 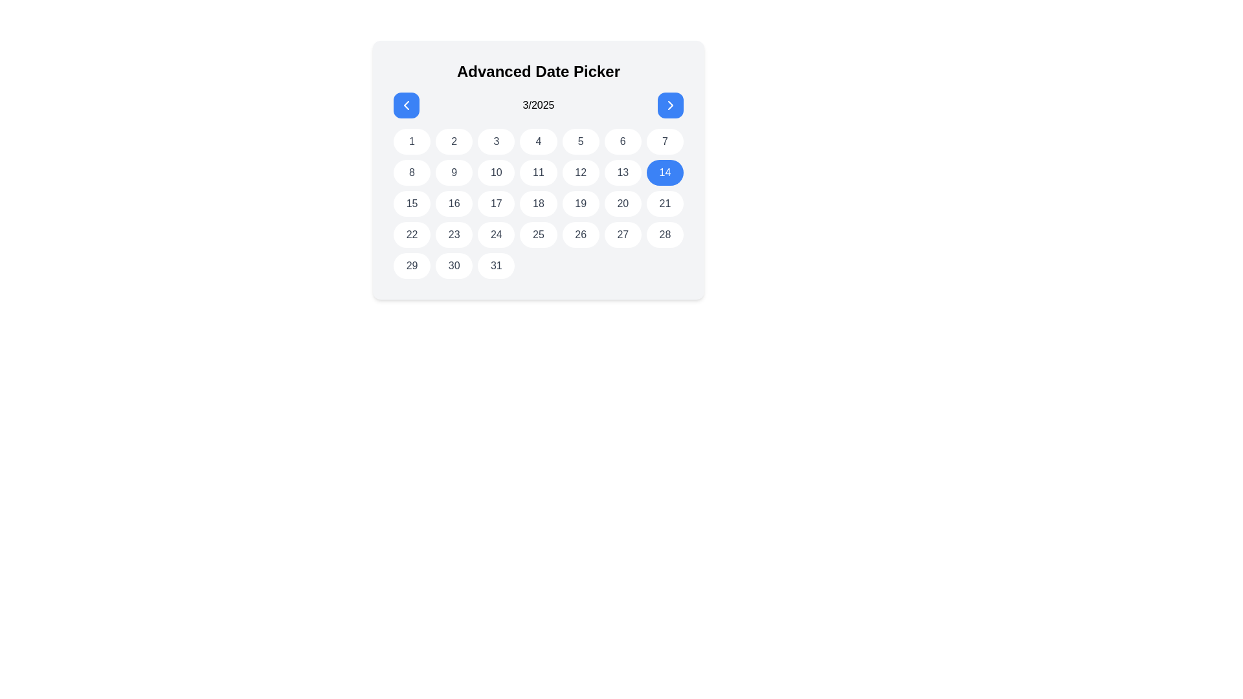 What do you see at coordinates (623, 142) in the screenshot?
I see `the circular button displaying the number '6' in the calendar grid` at bounding box center [623, 142].